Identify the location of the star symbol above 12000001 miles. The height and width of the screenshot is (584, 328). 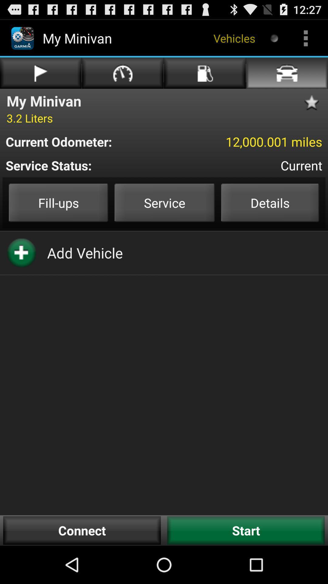
(314, 103).